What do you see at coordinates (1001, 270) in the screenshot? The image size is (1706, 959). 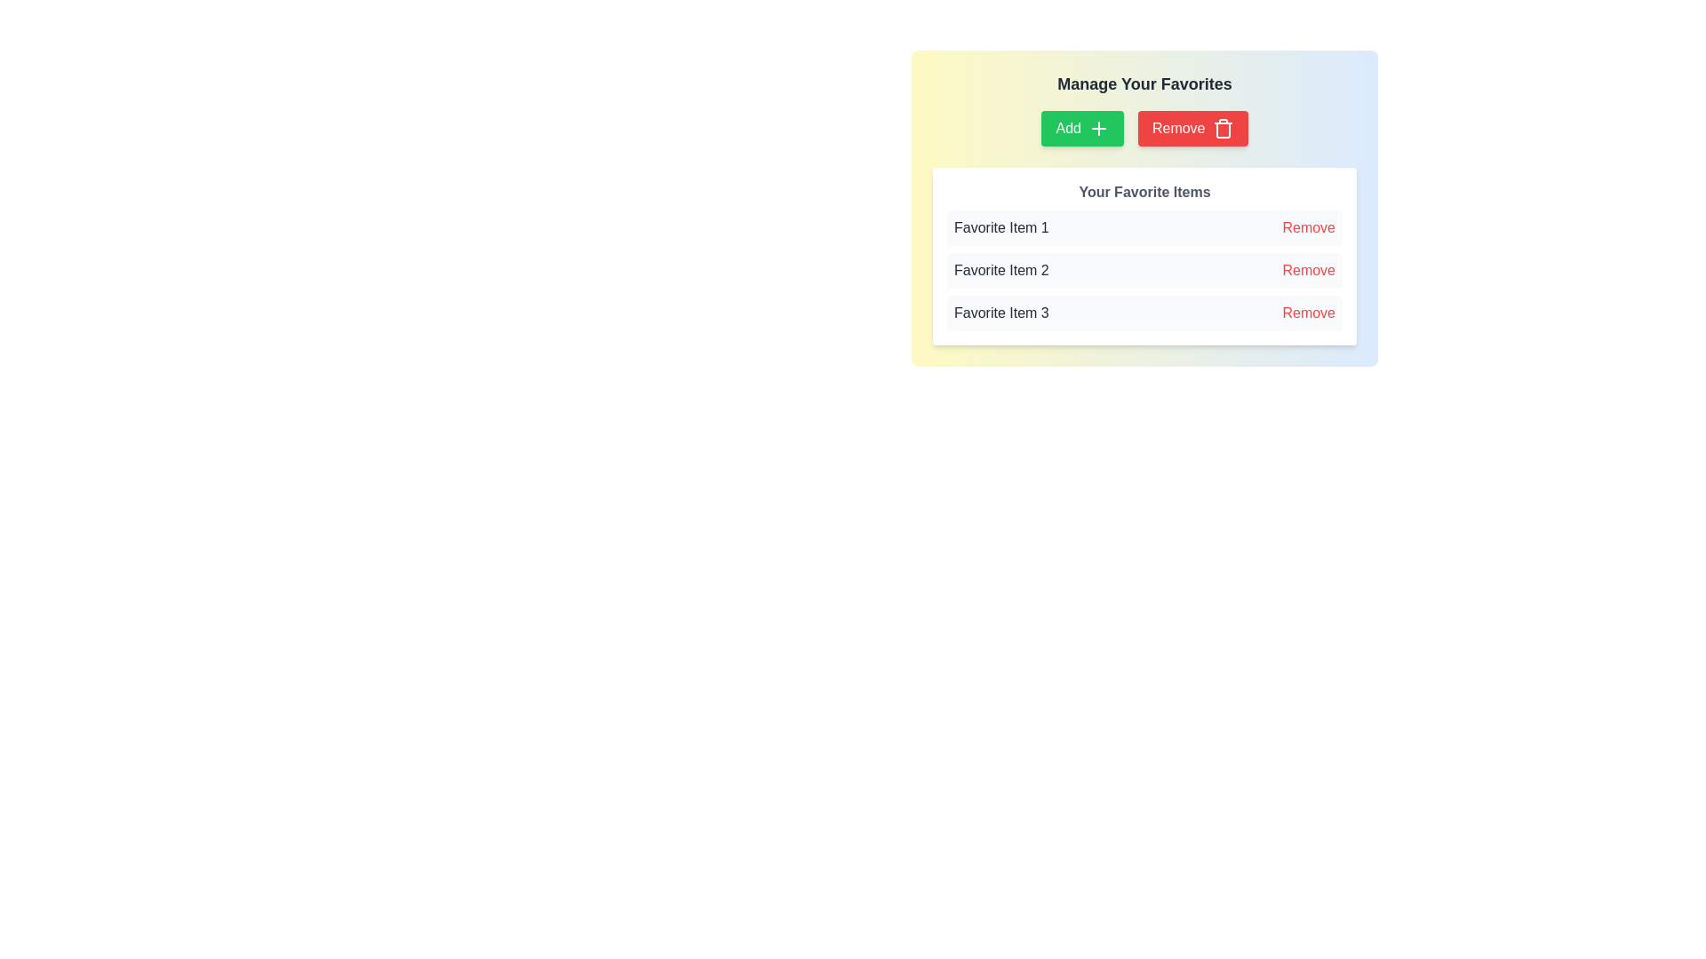 I see `the Text label for one of the items in the 'Your Favorite Items' list, located to the left of the 'Remove' button` at bounding box center [1001, 270].